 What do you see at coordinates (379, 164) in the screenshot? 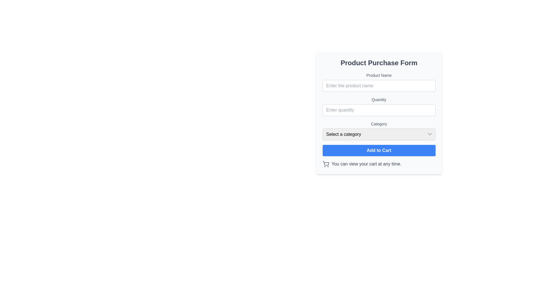
I see `the informational text element that displays the message 'You can view your cart at any time.' styled in gray, which is positioned below the 'Add to Cart' button` at bounding box center [379, 164].